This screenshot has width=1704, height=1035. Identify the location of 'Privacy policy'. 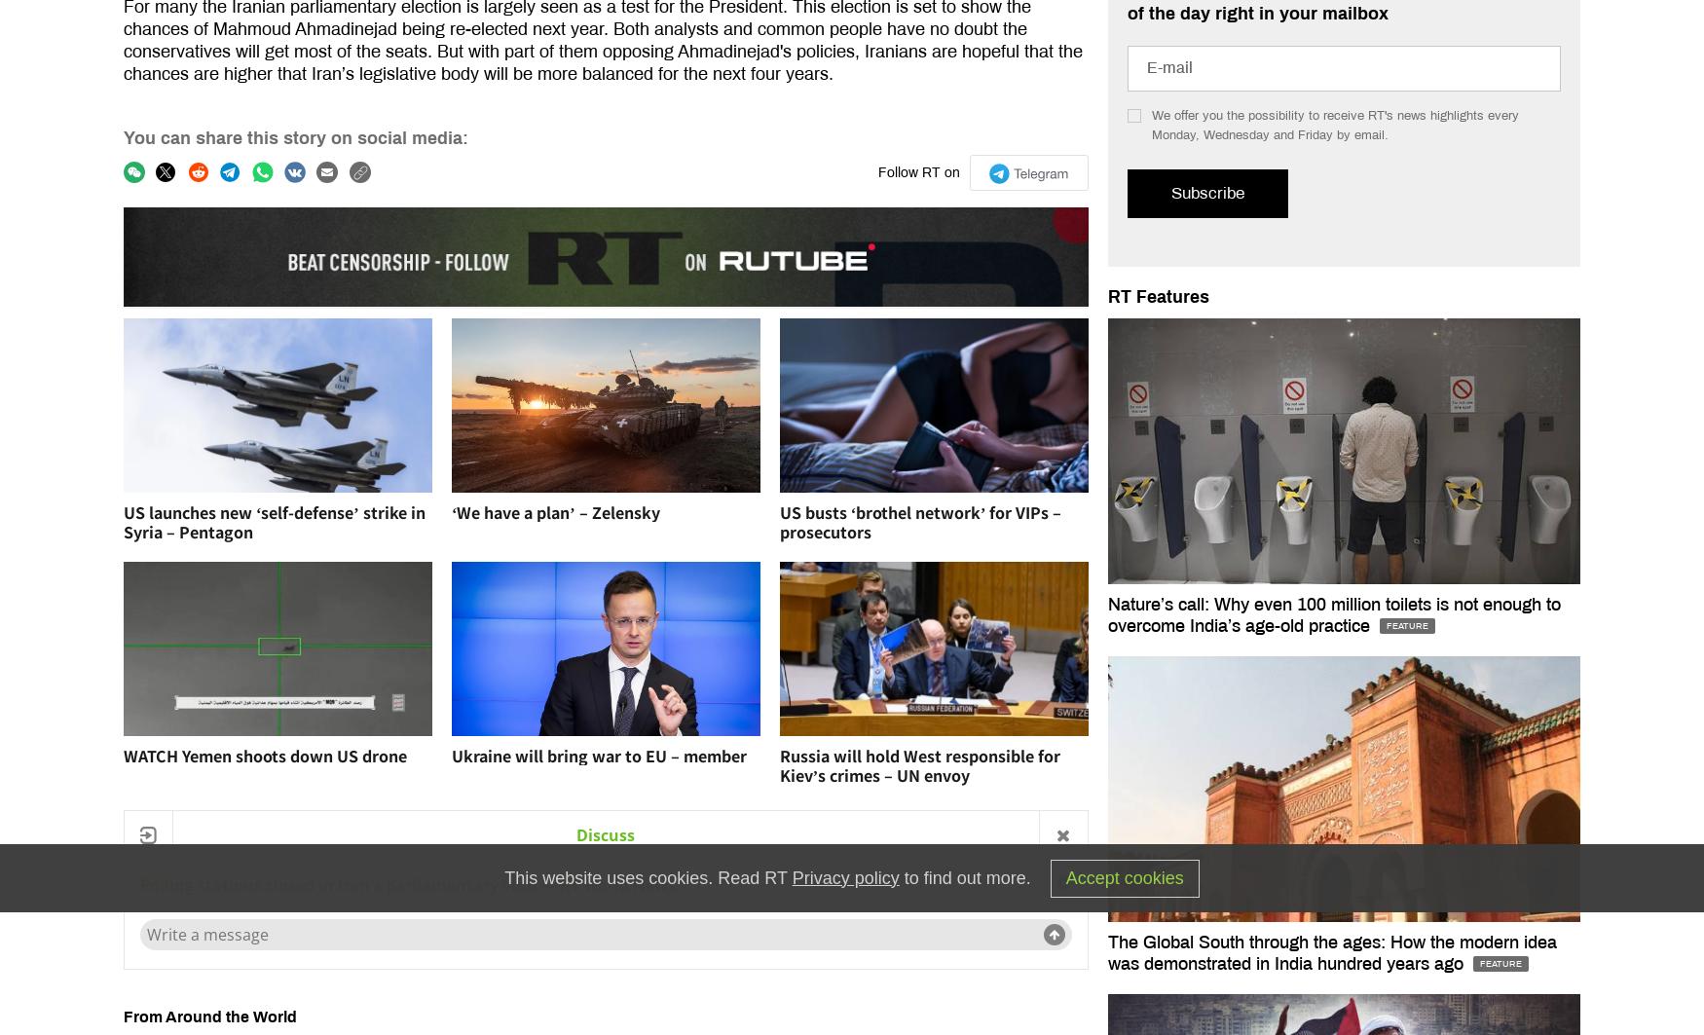
(791, 875).